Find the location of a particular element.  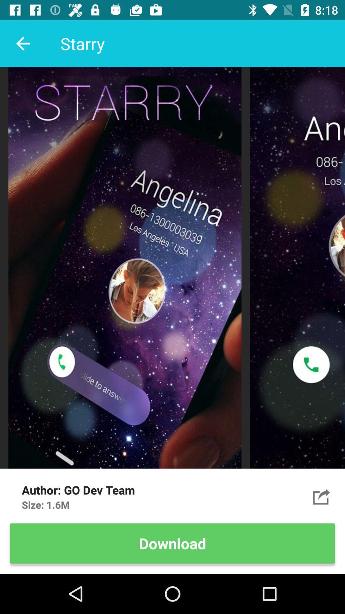

the item next to go dev team item is located at coordinates (321, 496).